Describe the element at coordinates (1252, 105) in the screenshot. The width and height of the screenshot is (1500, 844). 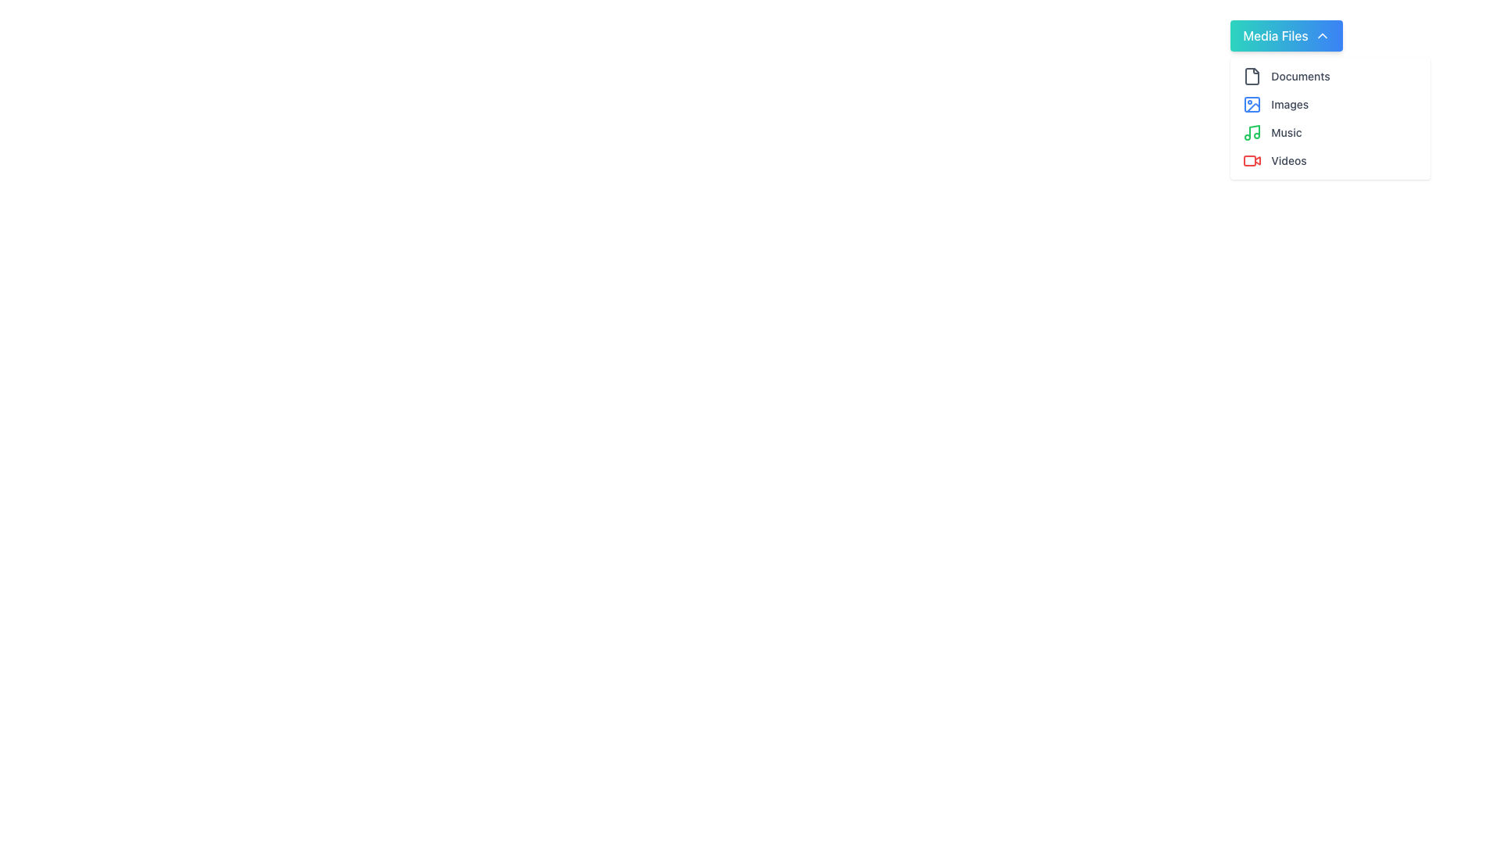
I see `the 'Images' icon in the 'Media Files' menu` at that location.